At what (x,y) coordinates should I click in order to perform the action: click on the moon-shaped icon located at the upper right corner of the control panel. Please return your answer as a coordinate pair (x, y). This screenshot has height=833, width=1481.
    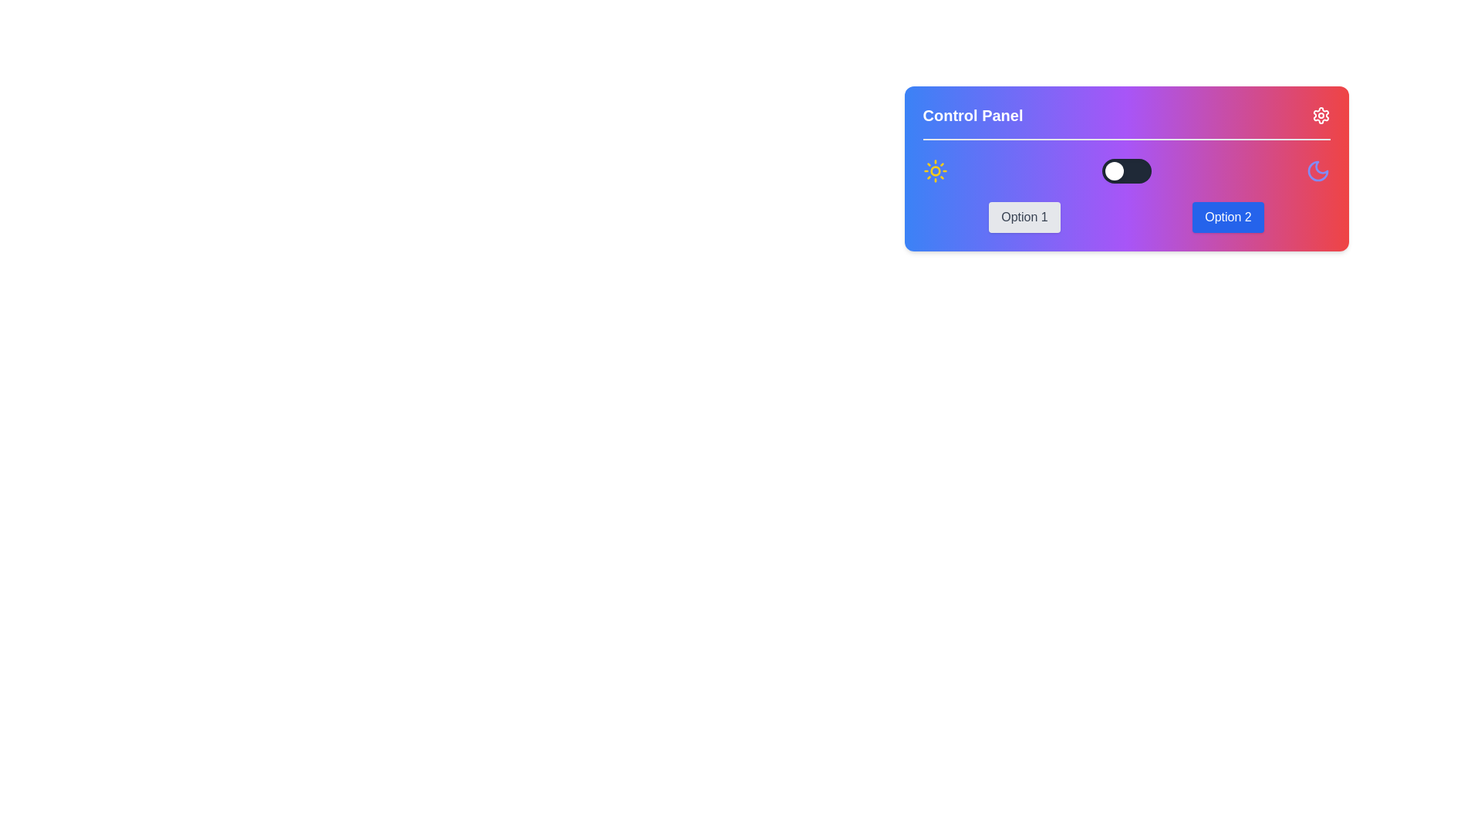
    Looking at the image, I should click on (1317, 171).